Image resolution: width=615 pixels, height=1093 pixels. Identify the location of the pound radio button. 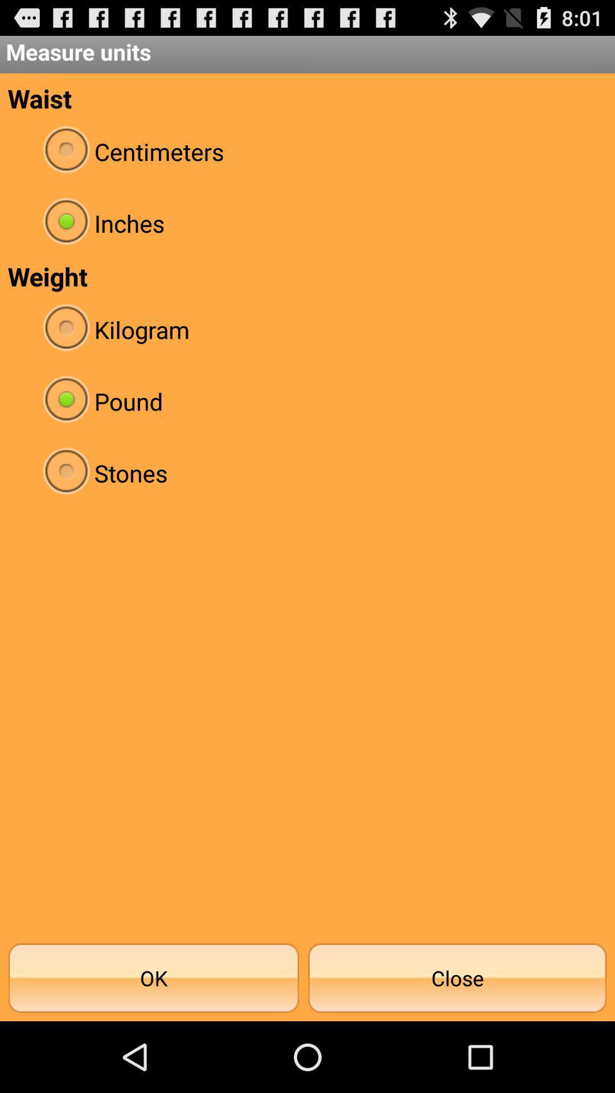
(307, 401).